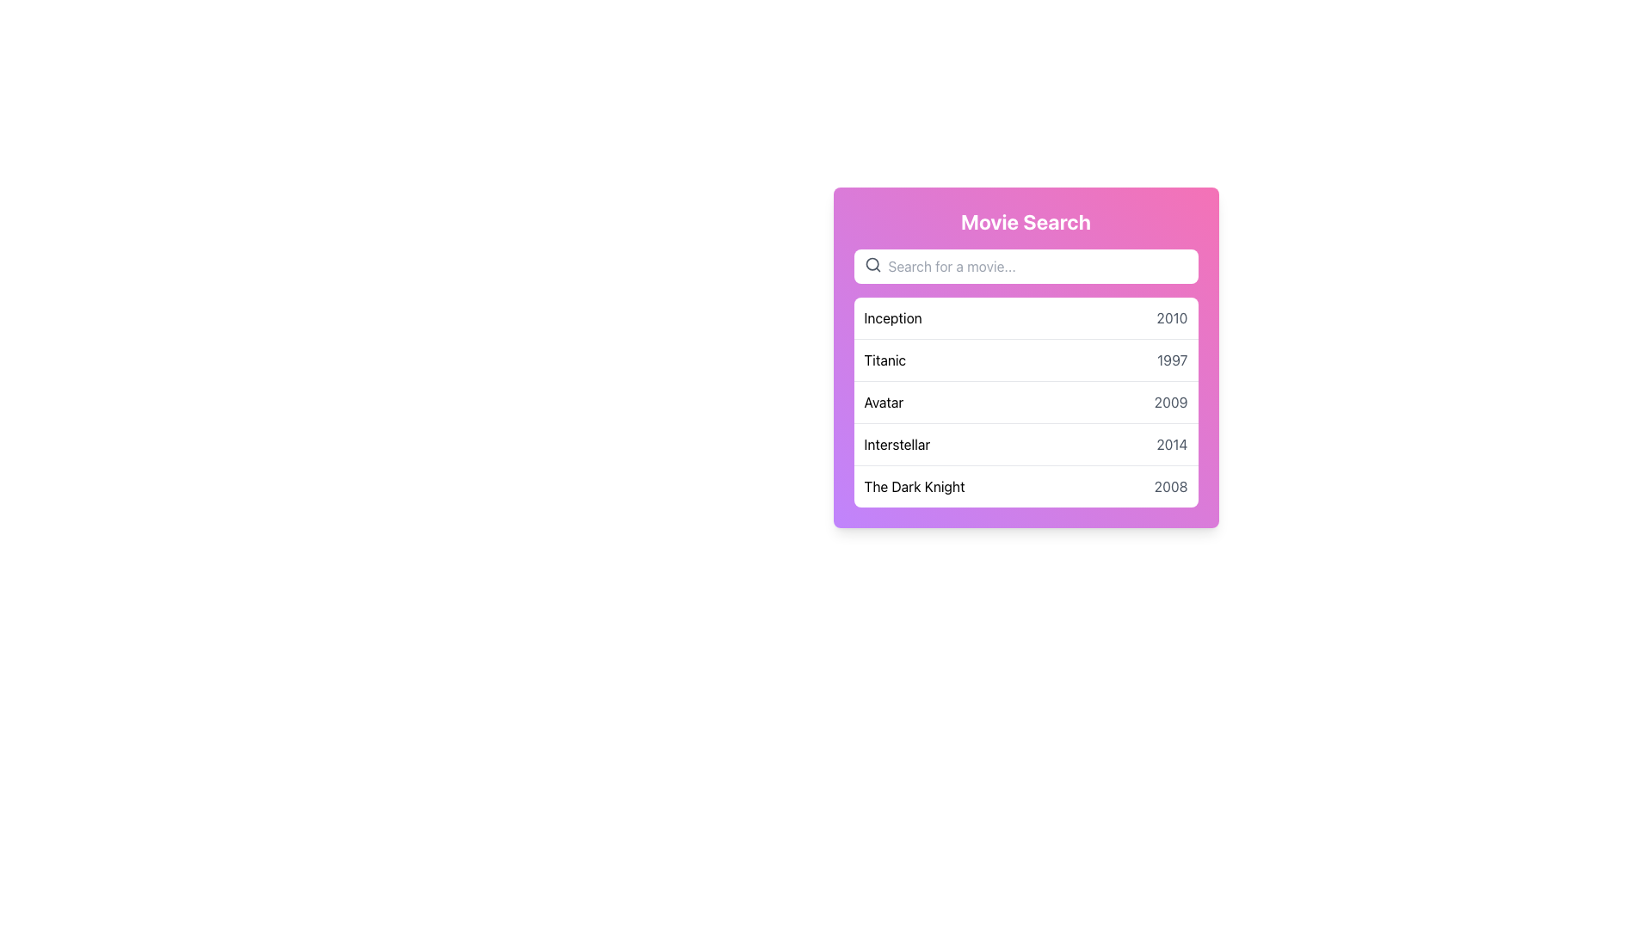 The image size is (1652, 929). What do you see at coordinates (1026, 486) in the screenshot?
I see `the list item displaying 'The Dark Knight' (2008) which is the fifth item in the list, positioned below 'Interstellar (2014)'` at bounding box center [1026, 486].